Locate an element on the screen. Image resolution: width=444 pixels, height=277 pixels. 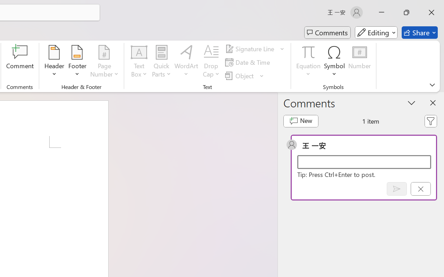
'Quick Parts' is located at coordinates (161, 62).